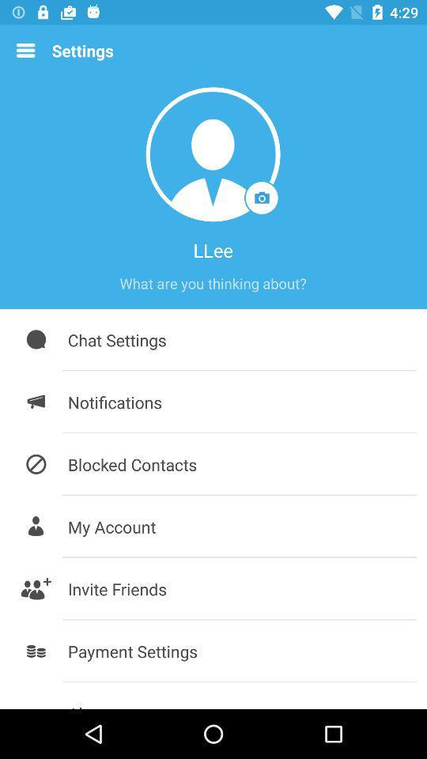 The width and height of the screenshot is (427, 759). What do you see at coordinates (213, 283) in the screenshot?
I see `item above the chat settings icon` at bounding box center [213, 283].